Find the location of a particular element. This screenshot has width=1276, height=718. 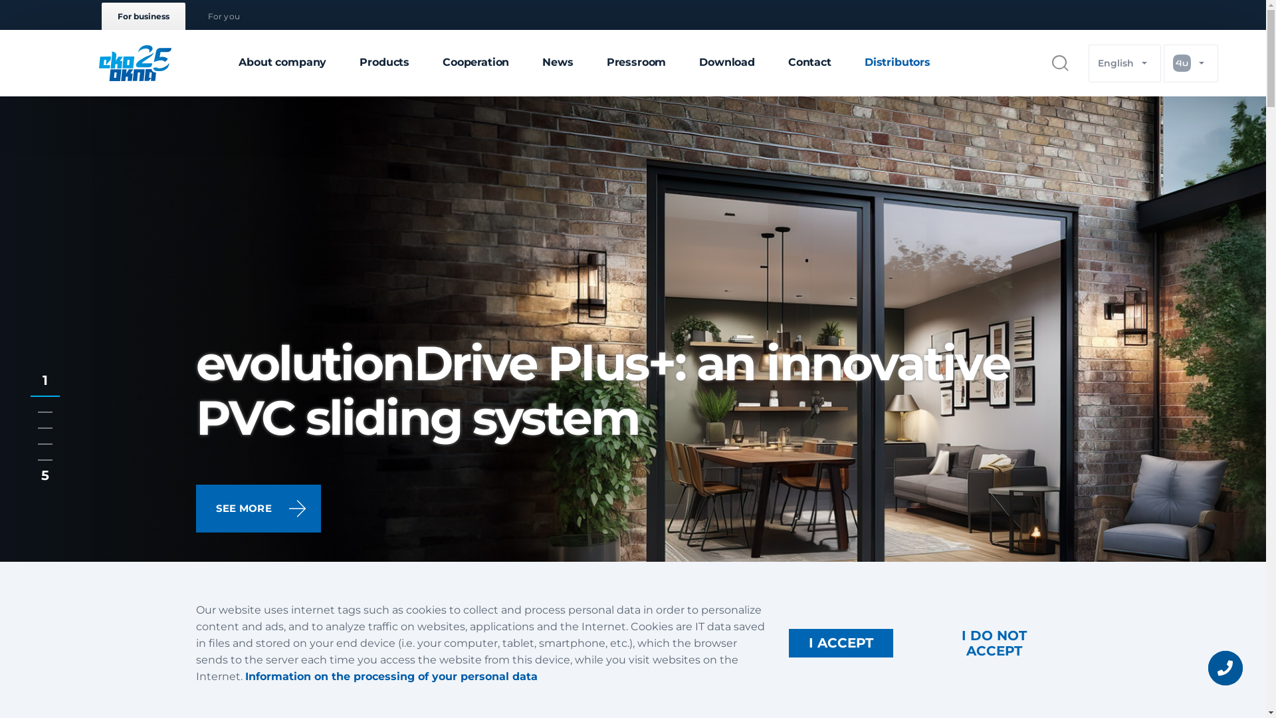

'Contact' is located at coordinates (809, 63).